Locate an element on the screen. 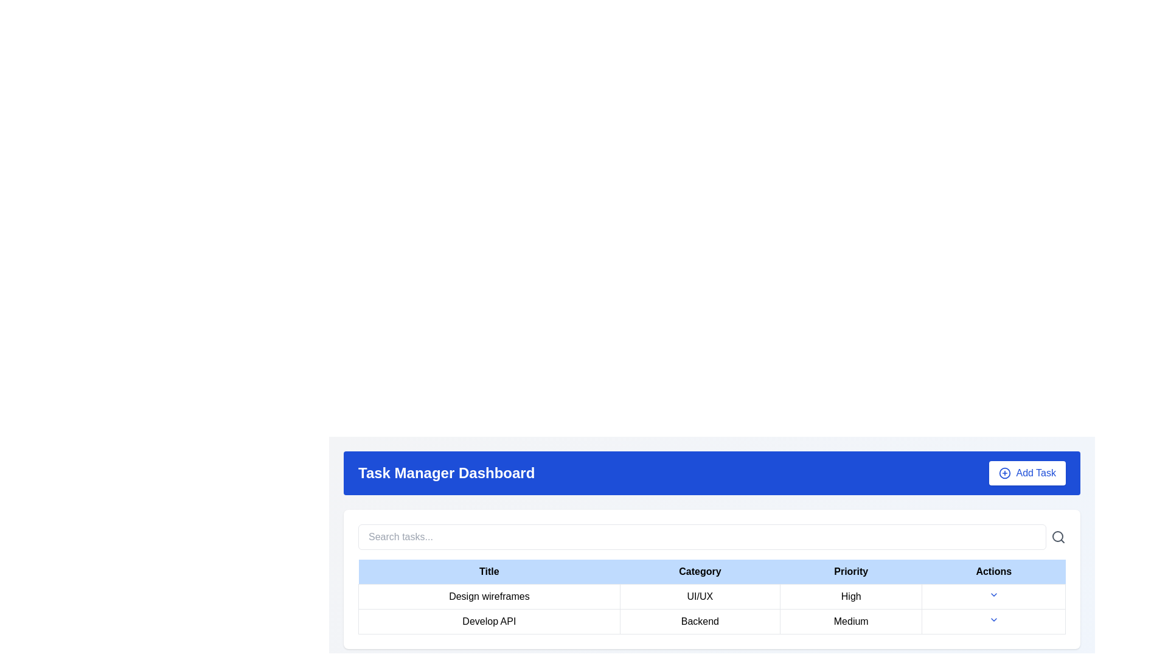 This screenshot has width=1168, height=657. the text label indicating the priority level of the 'Develop API' task in the 'Priority' column of the table, located between the 'Backend' text cell and the 'Actions' dropdown is located at coordinates (850, 622).